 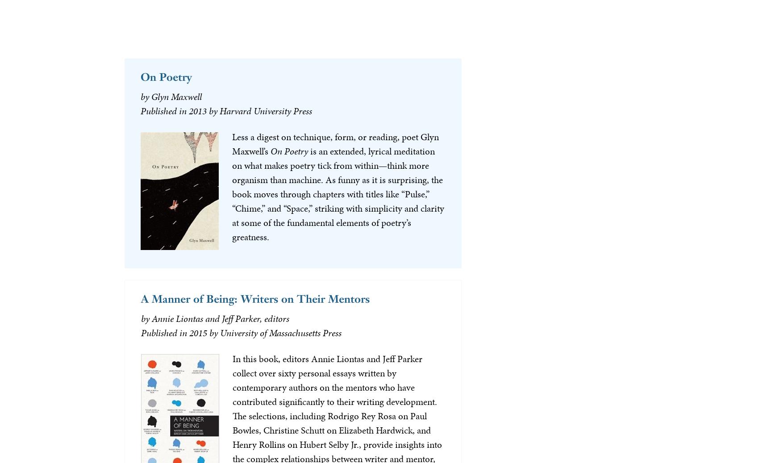 I want to click on 'by University of Massachusetts Press', so click(x=209, y=332).